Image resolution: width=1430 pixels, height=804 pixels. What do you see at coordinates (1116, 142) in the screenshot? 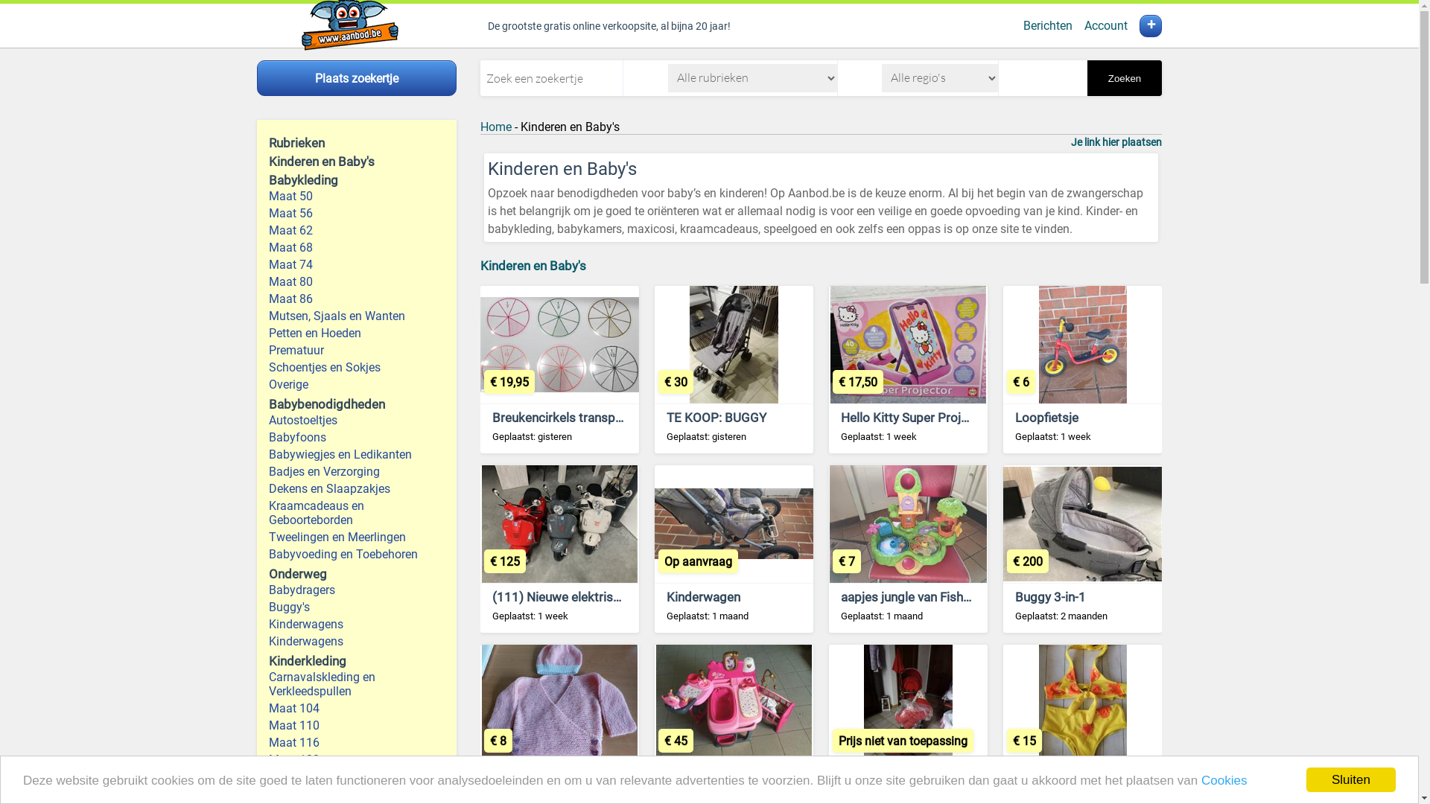
I see `'Je link hier plaatsen'` at bounding box center [1116, 142].